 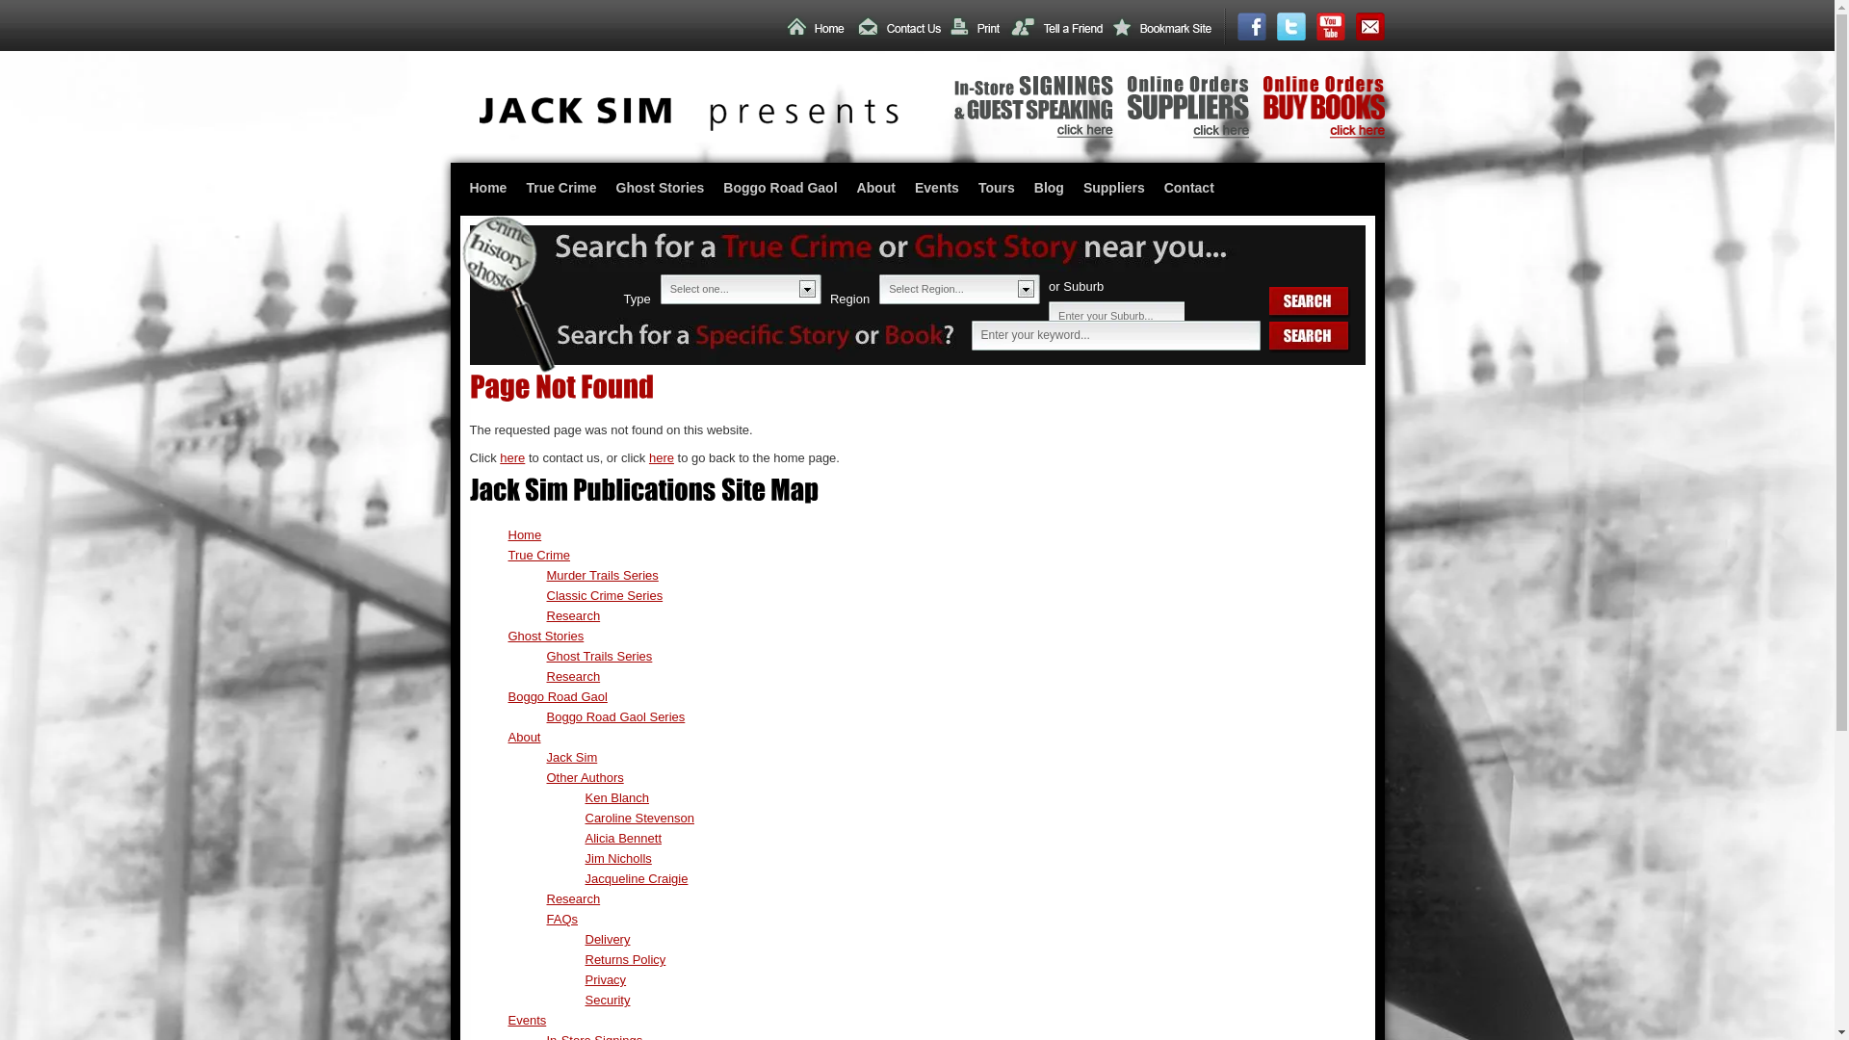 I want to click on 'FAQs', so click(x=561, y=918).